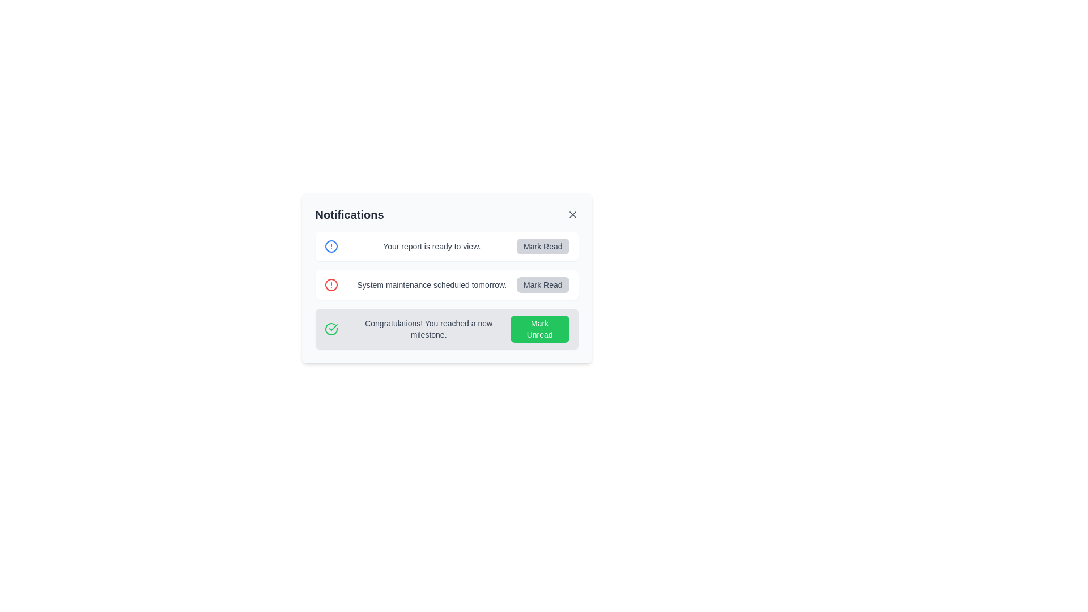 The image size is (1088, 612). Describe the element at coordinates (330, 246) in the screenshot. I see `the alert icon located to the left of the text 'Your report is ready` at that location.